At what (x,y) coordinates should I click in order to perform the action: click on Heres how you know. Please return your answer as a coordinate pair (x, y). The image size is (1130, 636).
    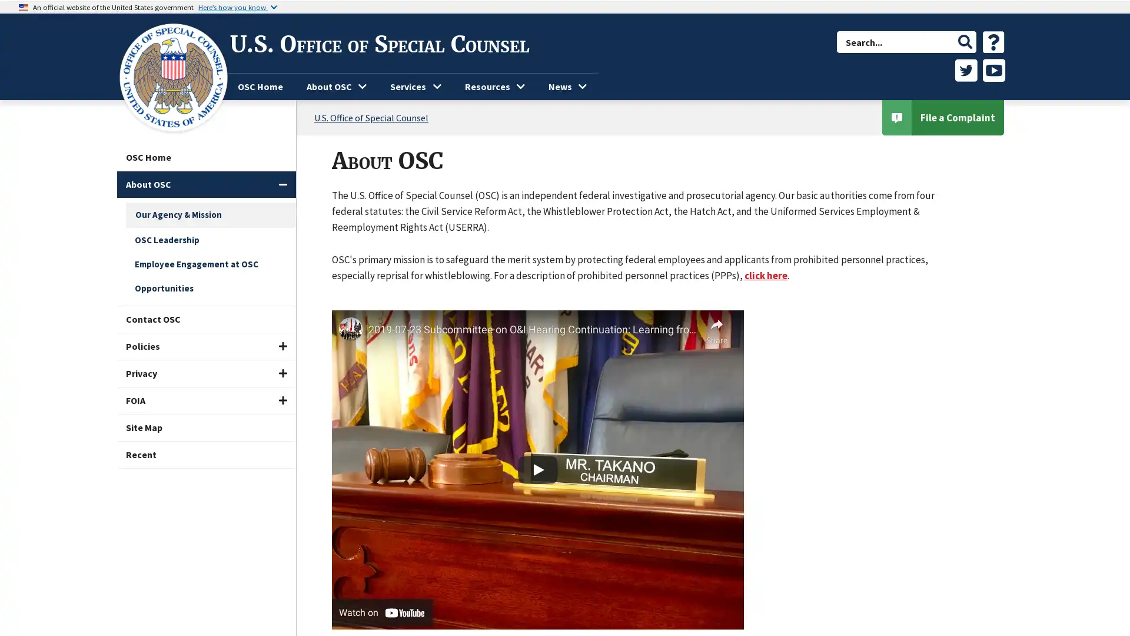
    Looking at the image, I should click on (237, 6).